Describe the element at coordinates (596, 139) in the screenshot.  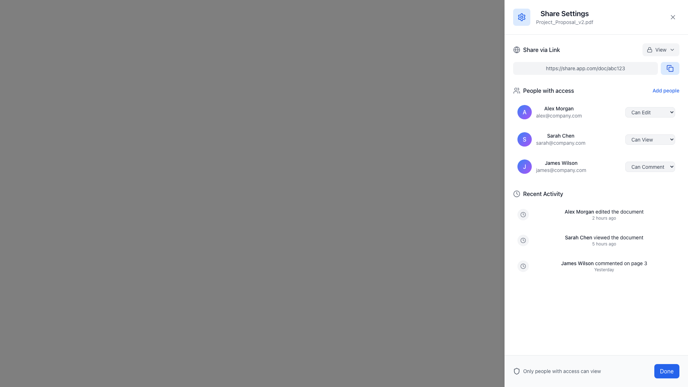
I see `the second list item in the 'People with access' section, which represents a user's information and their access level options` at that location.